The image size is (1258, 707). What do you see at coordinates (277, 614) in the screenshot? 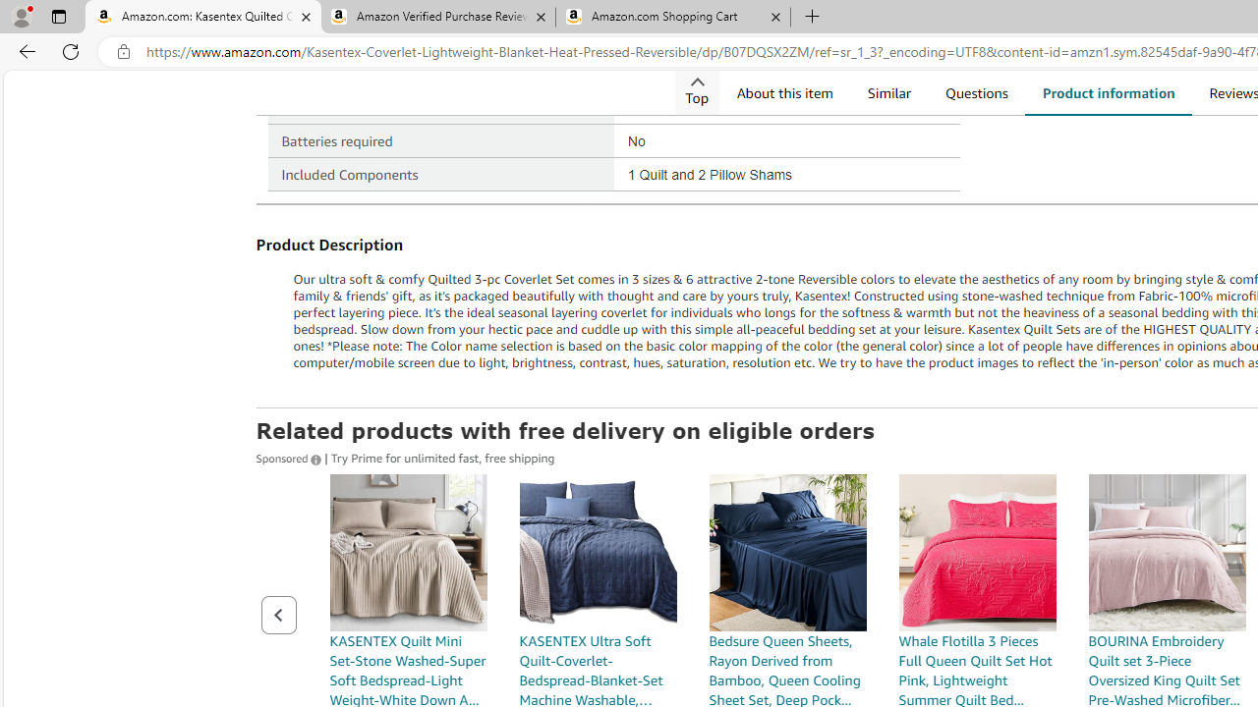
I see `'Previous page of related Sponsored Products'` at bounding box center [277, 614].